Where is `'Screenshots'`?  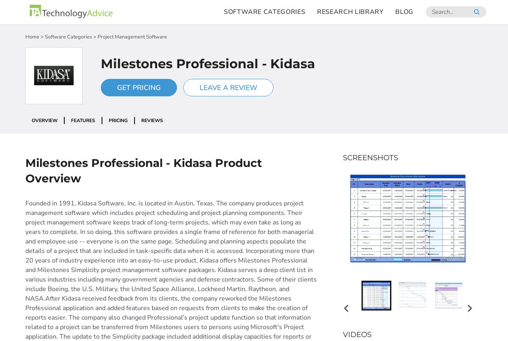 'Screenshots' is located at coordinates (370, 157).